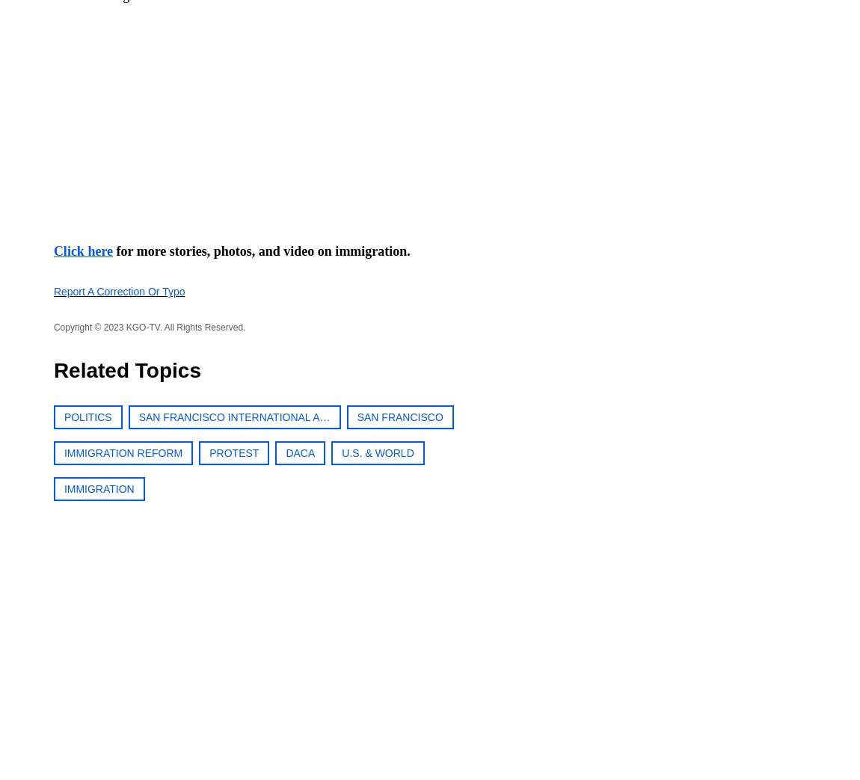  Describe the element at coordinates (209, 452) in the screenshot. I see `'PROTEST'` at that location.